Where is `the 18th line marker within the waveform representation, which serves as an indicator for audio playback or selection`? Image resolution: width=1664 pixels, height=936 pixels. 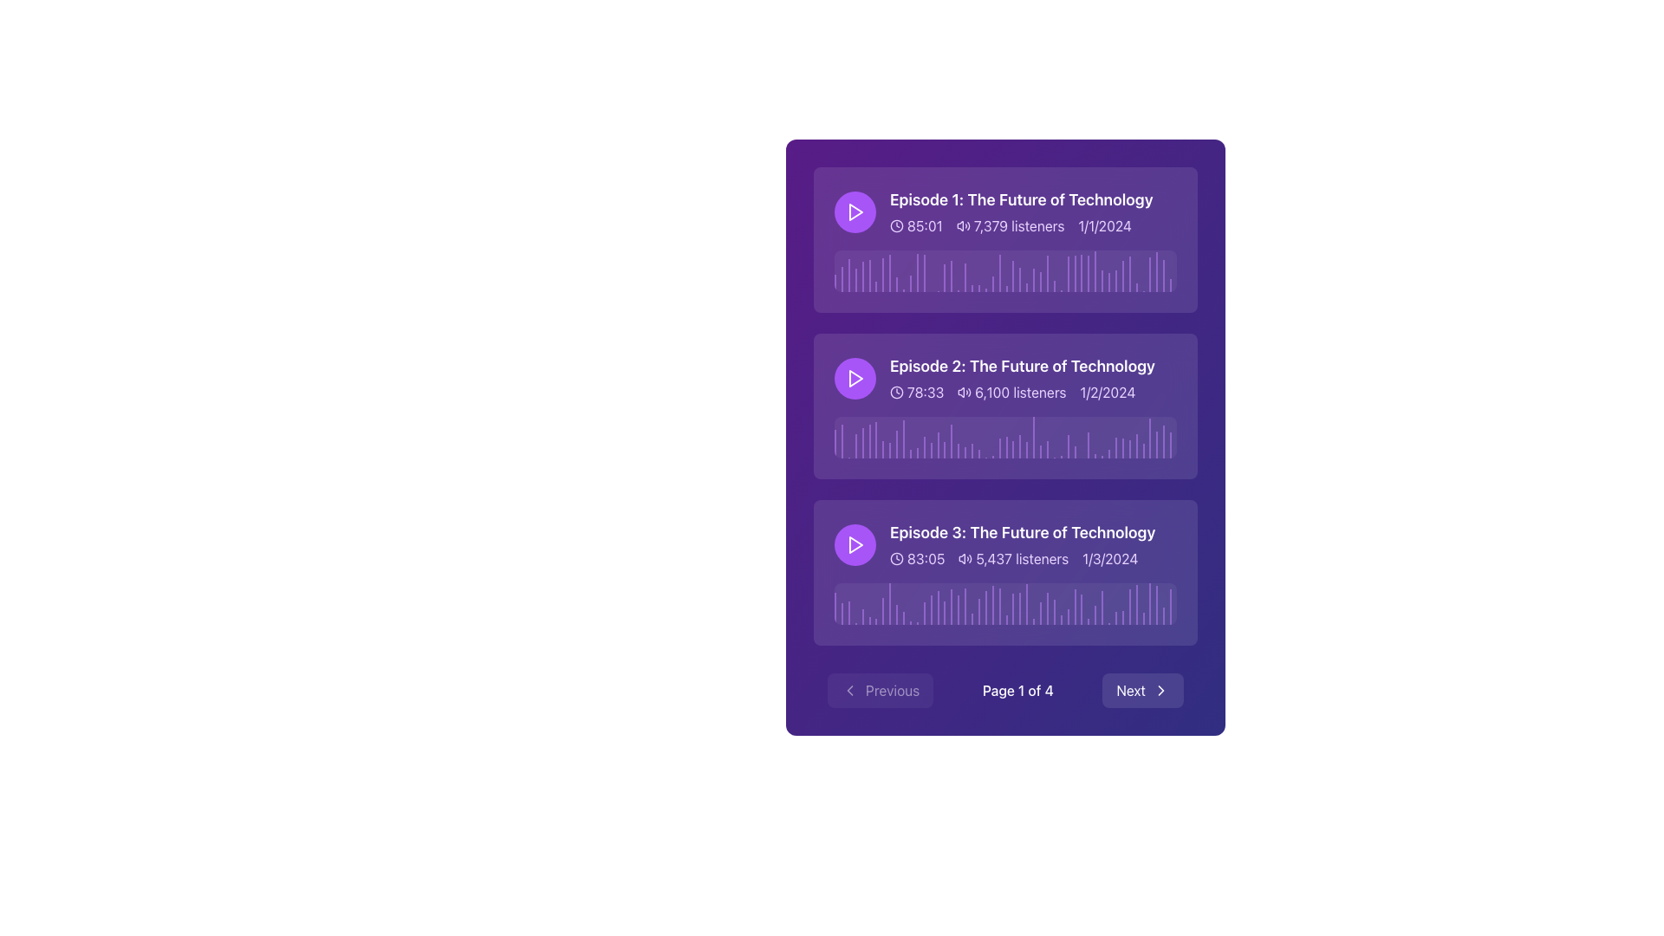 the 18th line marker within the waveform representation, which serves as an indicator for audio playback or selection is located at coordinates (951, 276).